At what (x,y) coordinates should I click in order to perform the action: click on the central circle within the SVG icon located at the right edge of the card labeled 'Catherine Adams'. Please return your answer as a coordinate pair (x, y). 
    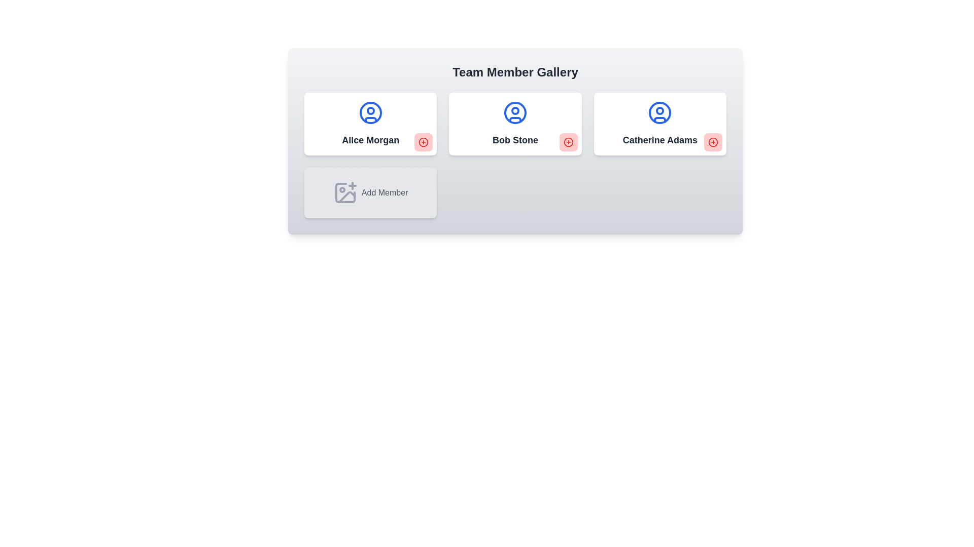
    Looking at the image, I should click on (713, 142).